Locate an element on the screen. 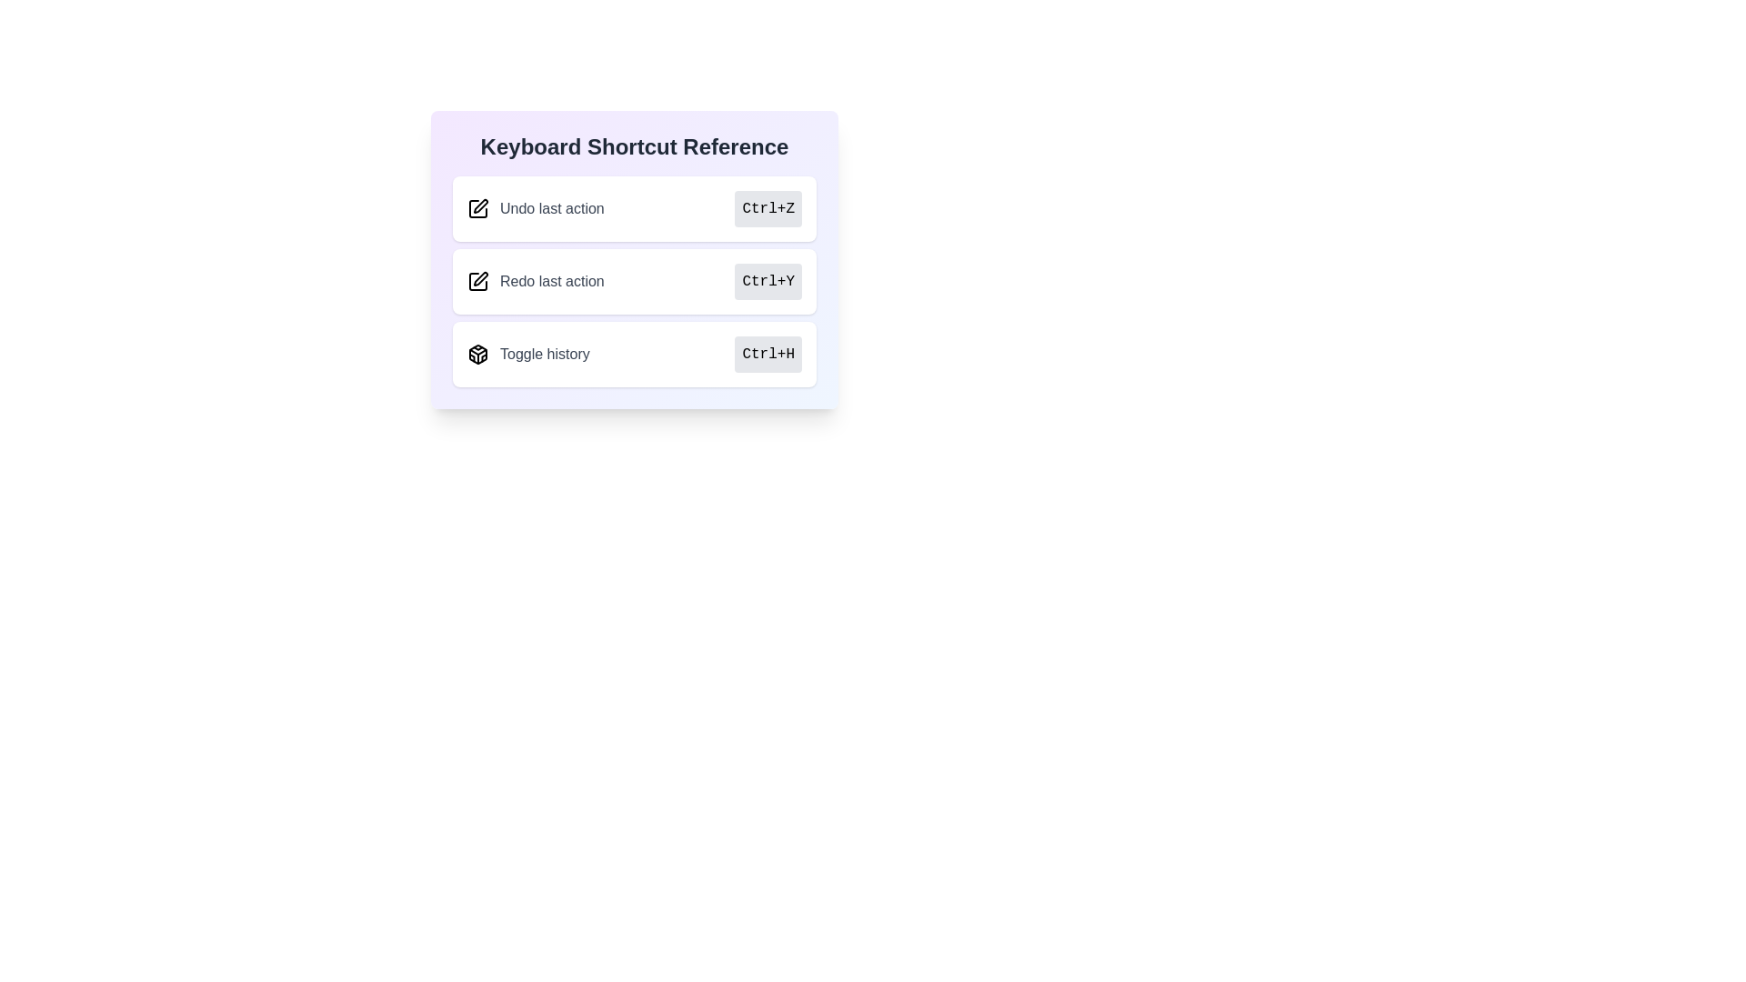  the text label that describes the shortcut action for toggling a history view, located to the right of a 3D cube icon within the 'Keyboard Shortcut Reference' card is located at coordinates (544, 354).